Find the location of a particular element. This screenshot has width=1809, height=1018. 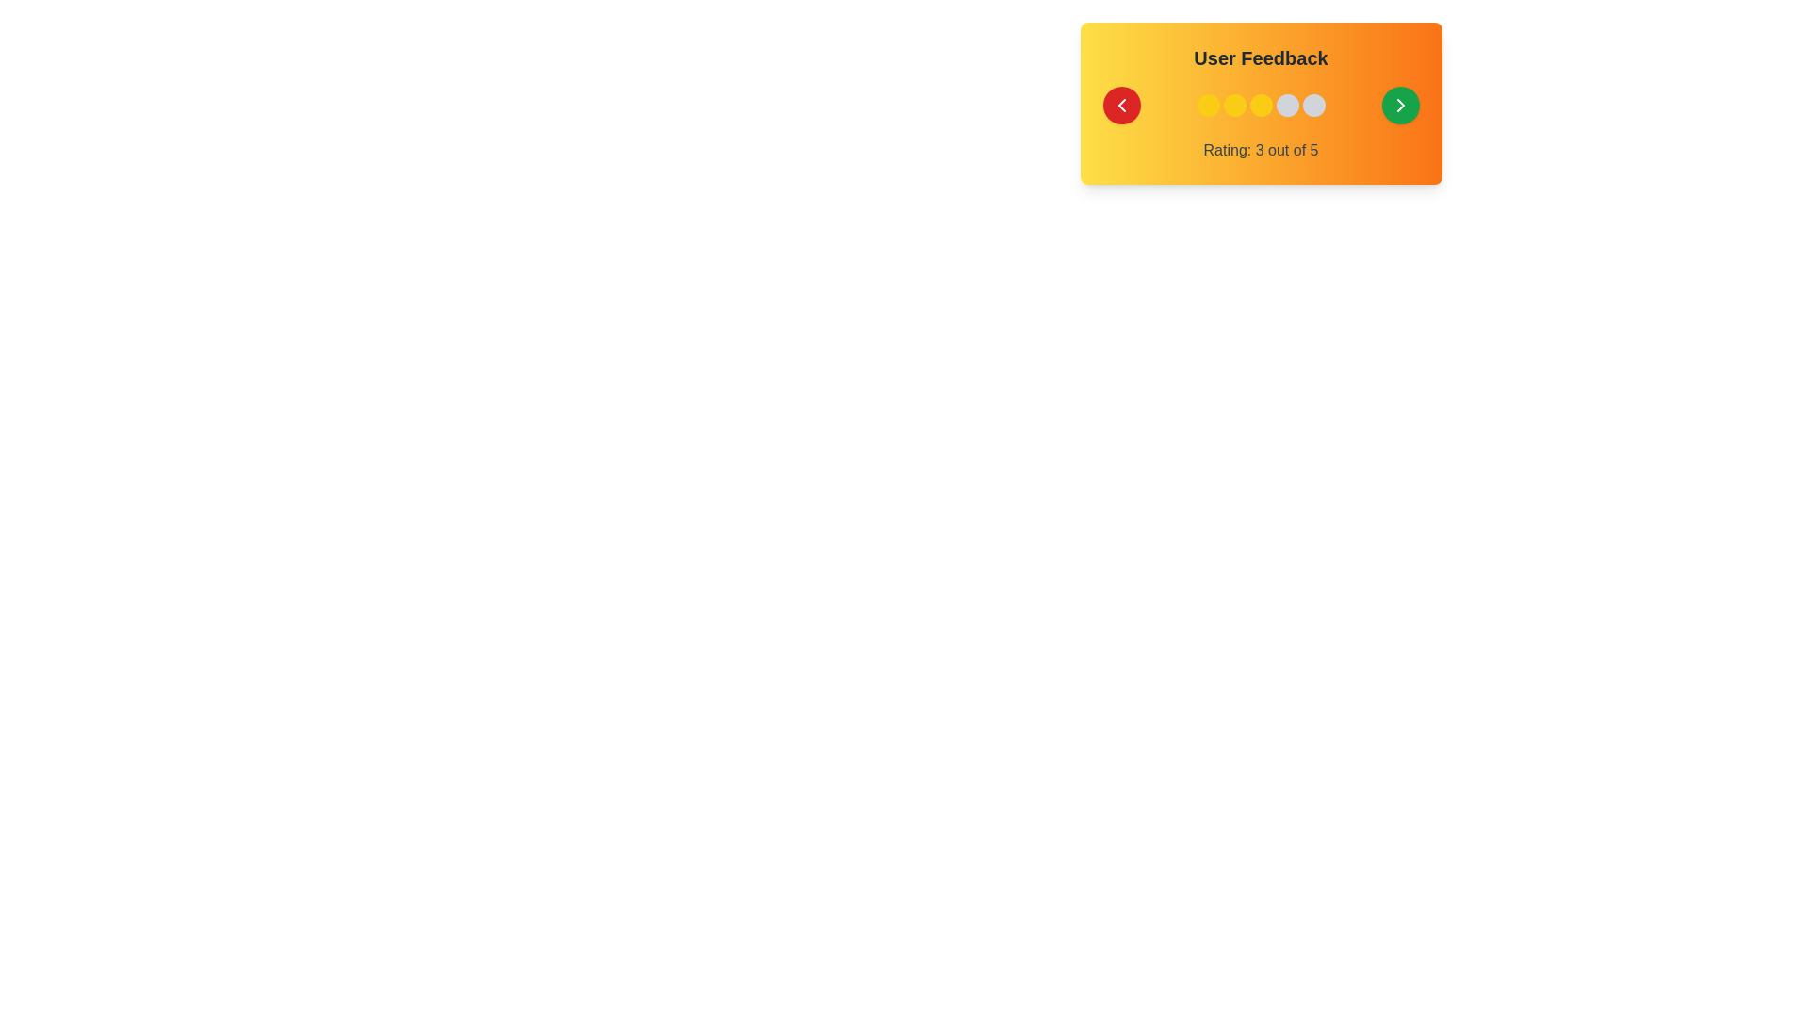

the first circular rating indicator with a yellow background in the User Feedback card is located at coordinates (1208, 105).